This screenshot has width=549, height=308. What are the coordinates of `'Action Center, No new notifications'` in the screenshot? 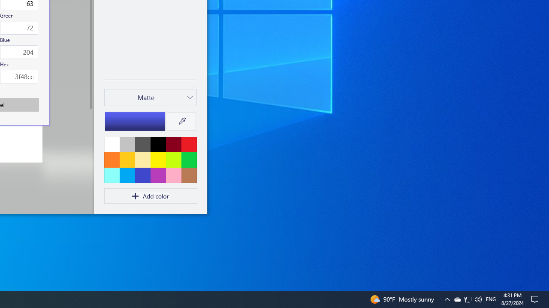 It's located at (536, 299).